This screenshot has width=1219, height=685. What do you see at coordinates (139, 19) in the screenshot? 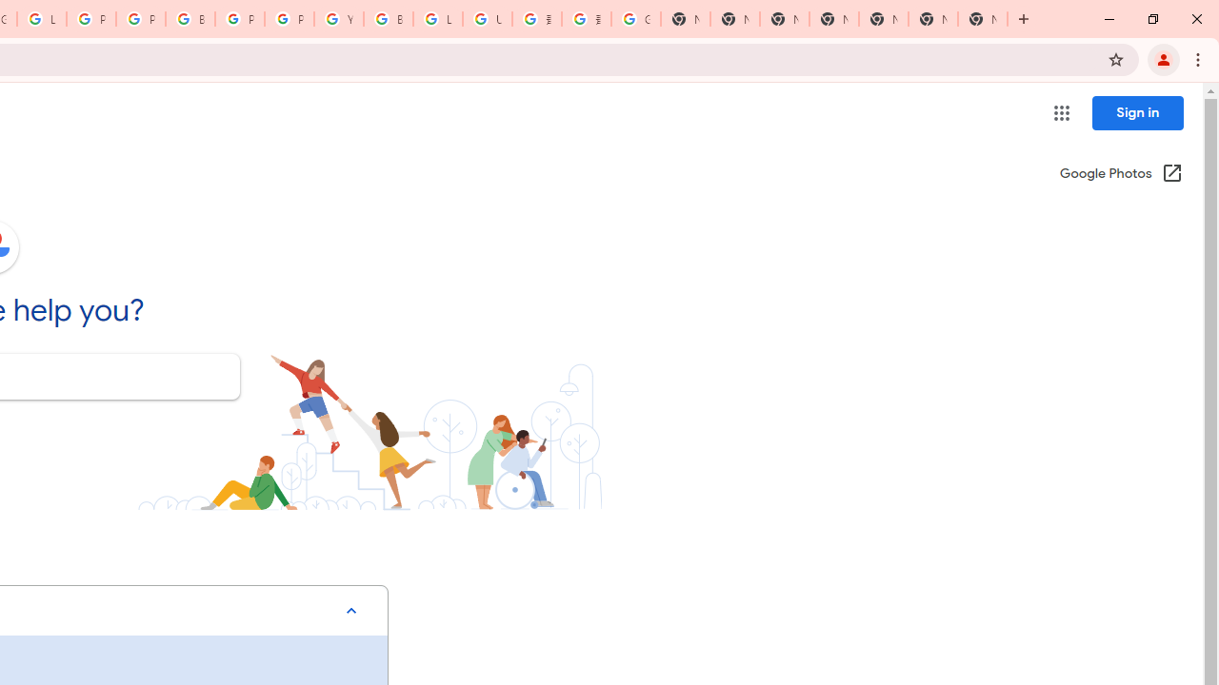
I see `'Privacy Help Center - Policies Help'` at bounding box center [139, 19].